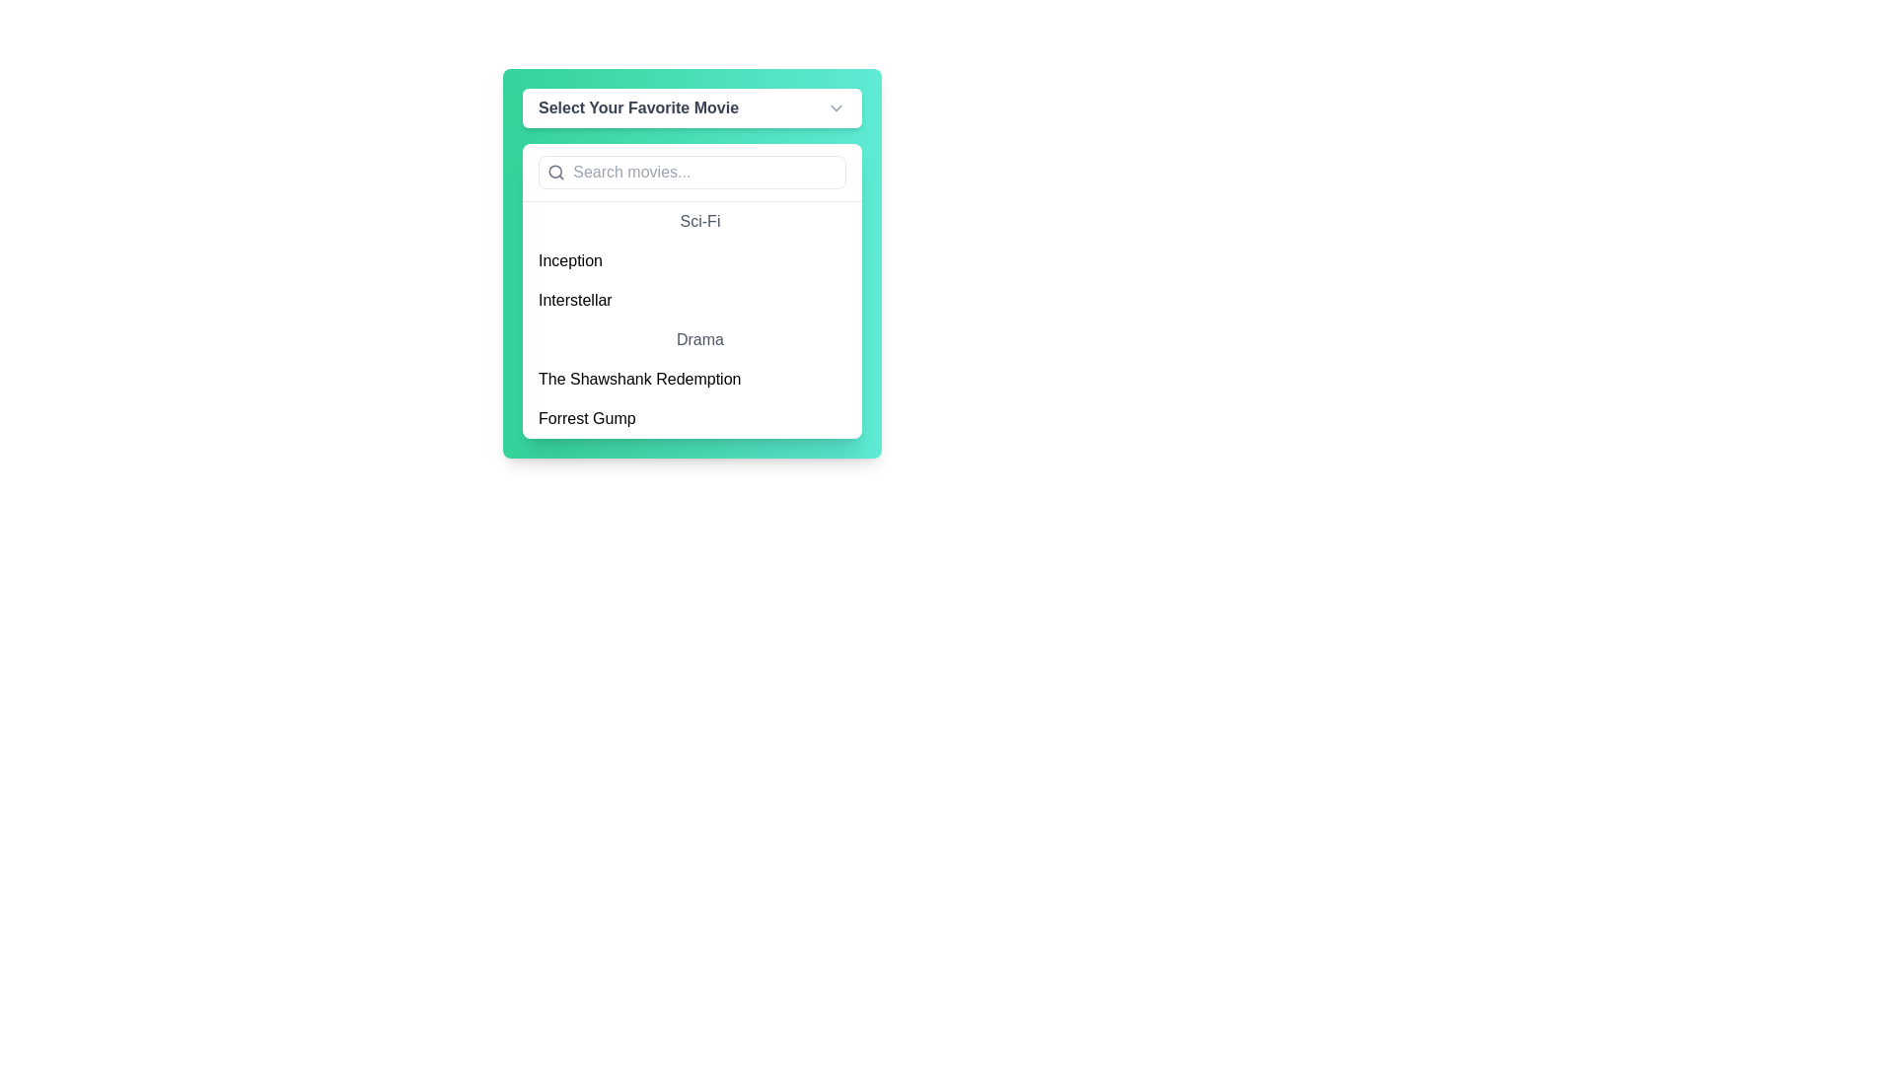 This screenshot has width=1894, height=1065. What do you see at coordinates (692, 300) in the screenshot?
I see `the 'Interstellar' option in the dropdown menu, which is the second item under the 'Sci-Fi' category` at bounding box center [692, 300].